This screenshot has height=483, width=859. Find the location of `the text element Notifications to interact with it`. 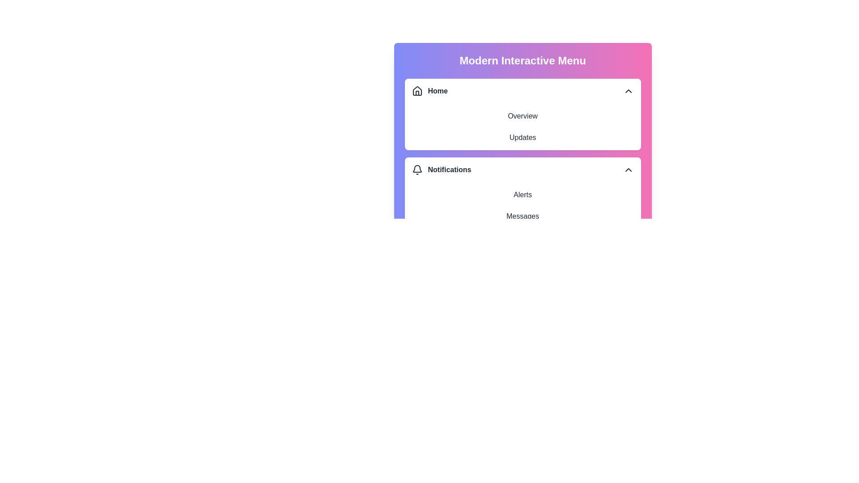

the text element Notifications to interact with it is located at coordinates (523, 170).